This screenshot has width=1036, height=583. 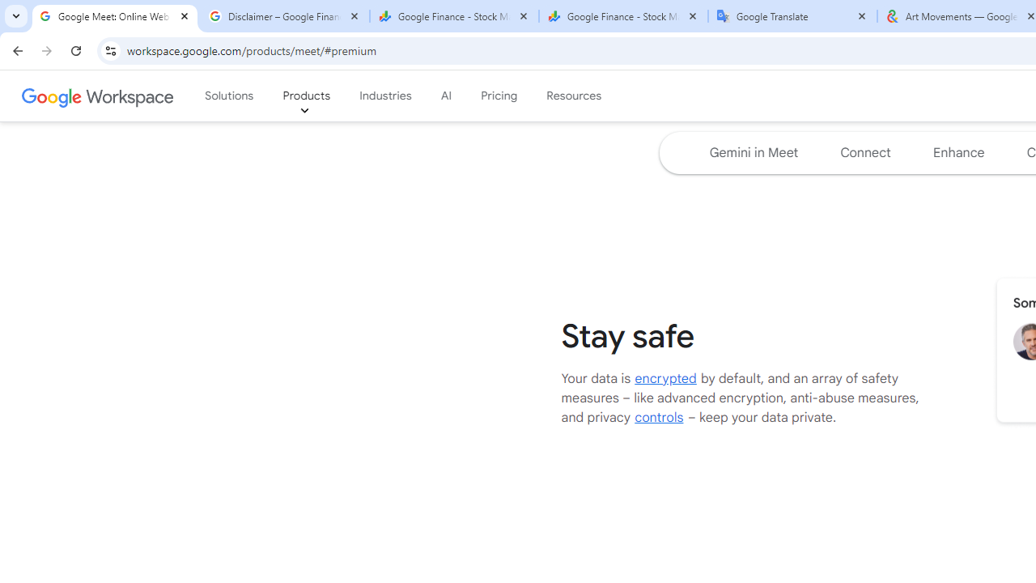 What do you see at coordinates (665, 378) in the screenshot?
I see `'encrypted'` at bounding box center [665, 378].